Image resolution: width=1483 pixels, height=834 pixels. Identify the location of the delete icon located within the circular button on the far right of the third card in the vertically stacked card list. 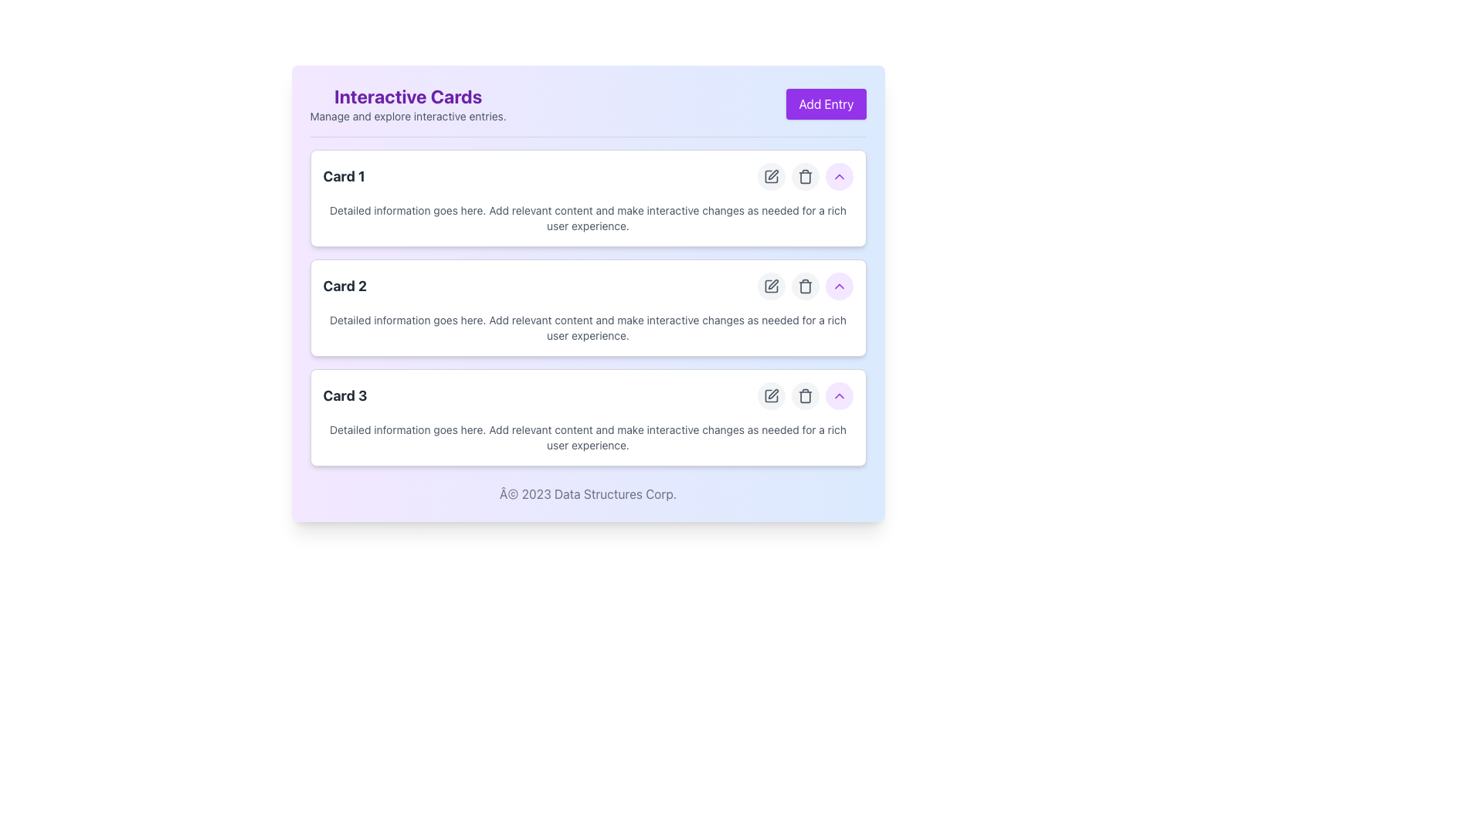
(804, 395).